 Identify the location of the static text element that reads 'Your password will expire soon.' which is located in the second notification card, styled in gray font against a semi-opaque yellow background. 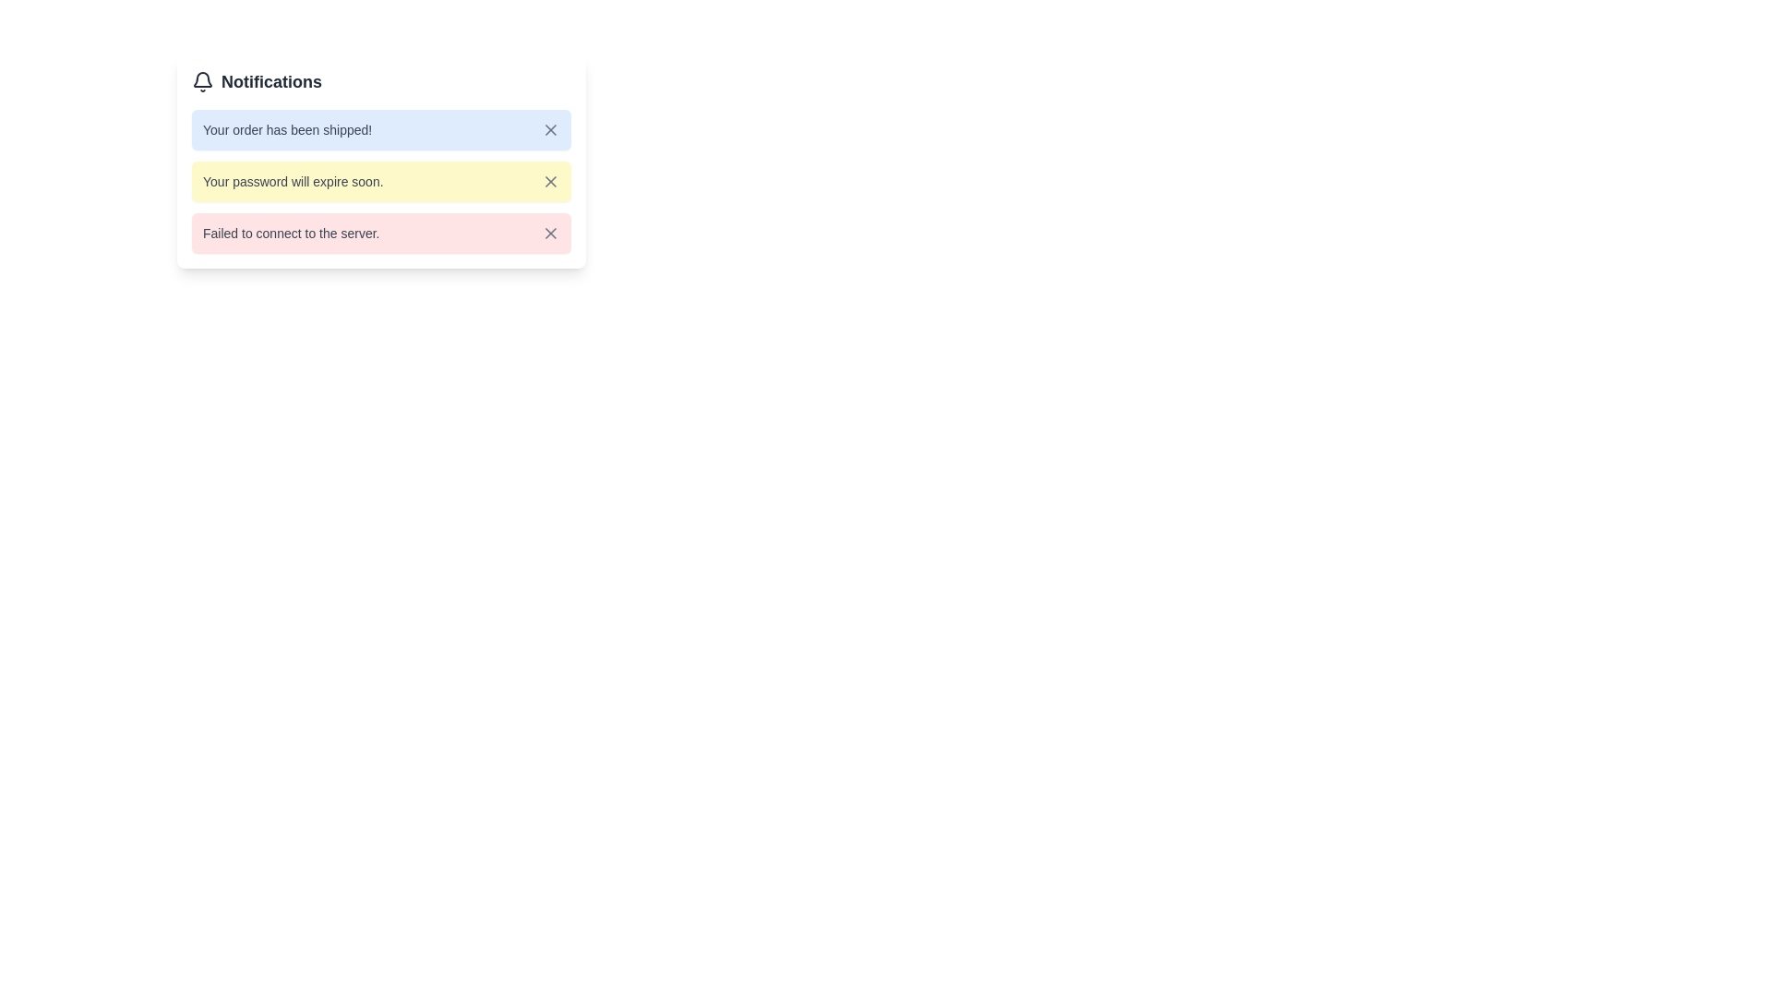
(292, 181).